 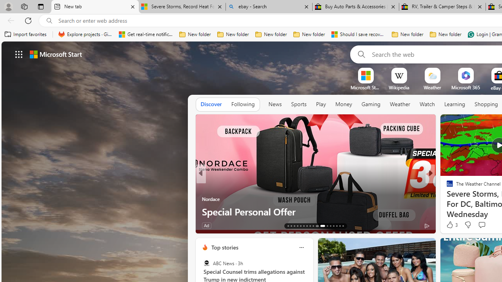 What do you see at coordinates (355, 7) in the screenshot?
I see `'Buy Auto Parts & Accessories | eBay'` at bounding box center [355, 7].